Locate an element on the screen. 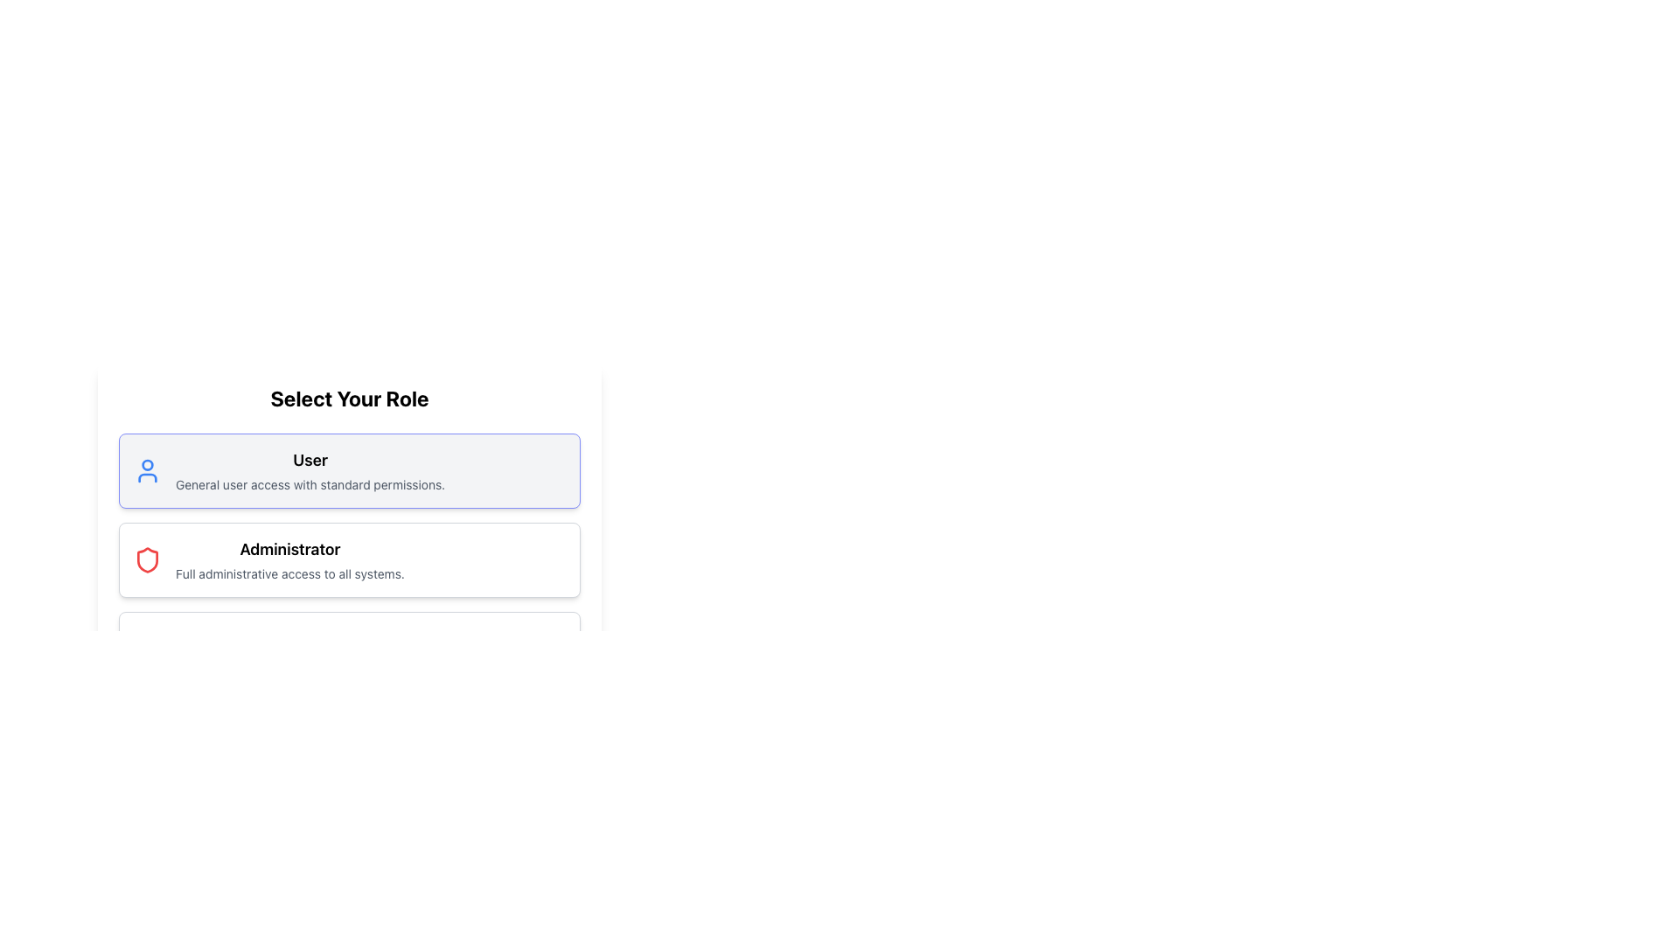 The width and height of the screenshot is (1679, 944). the shield icon representing administrative access located in the 'Select Your Role' interface, specifically within the 'Administrator' box is located at coordinates (147, 559).